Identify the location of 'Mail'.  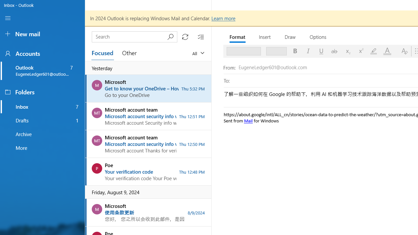
(248, 120).